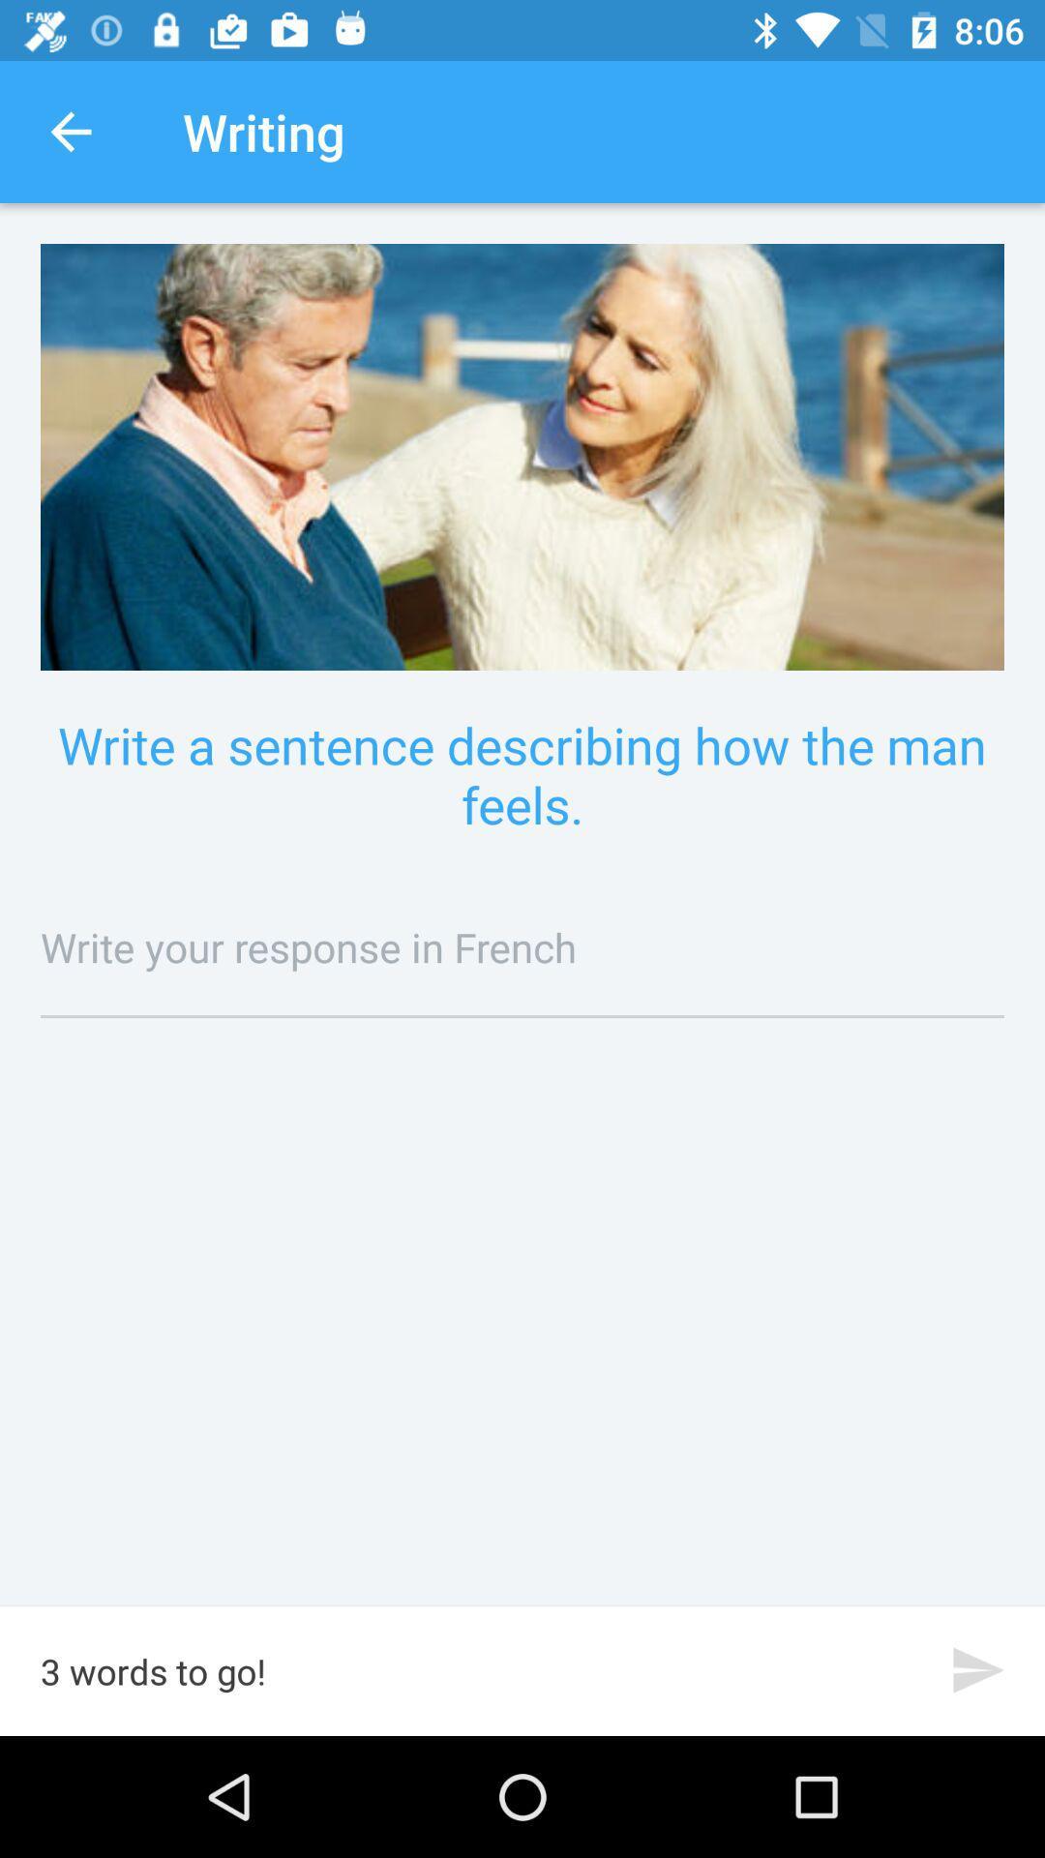  Describe the element at coordinates (978, 1669) in the screenshot. I see `the send icon` at that location.